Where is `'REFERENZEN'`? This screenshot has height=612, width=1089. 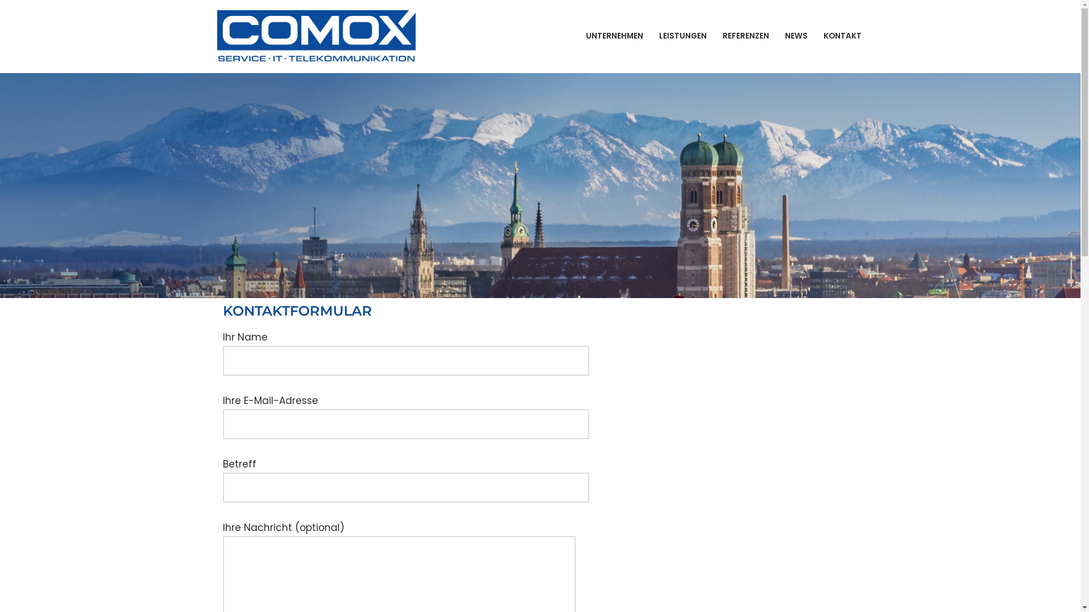
'REFERENZEN' is located at coordinates (721, 35).